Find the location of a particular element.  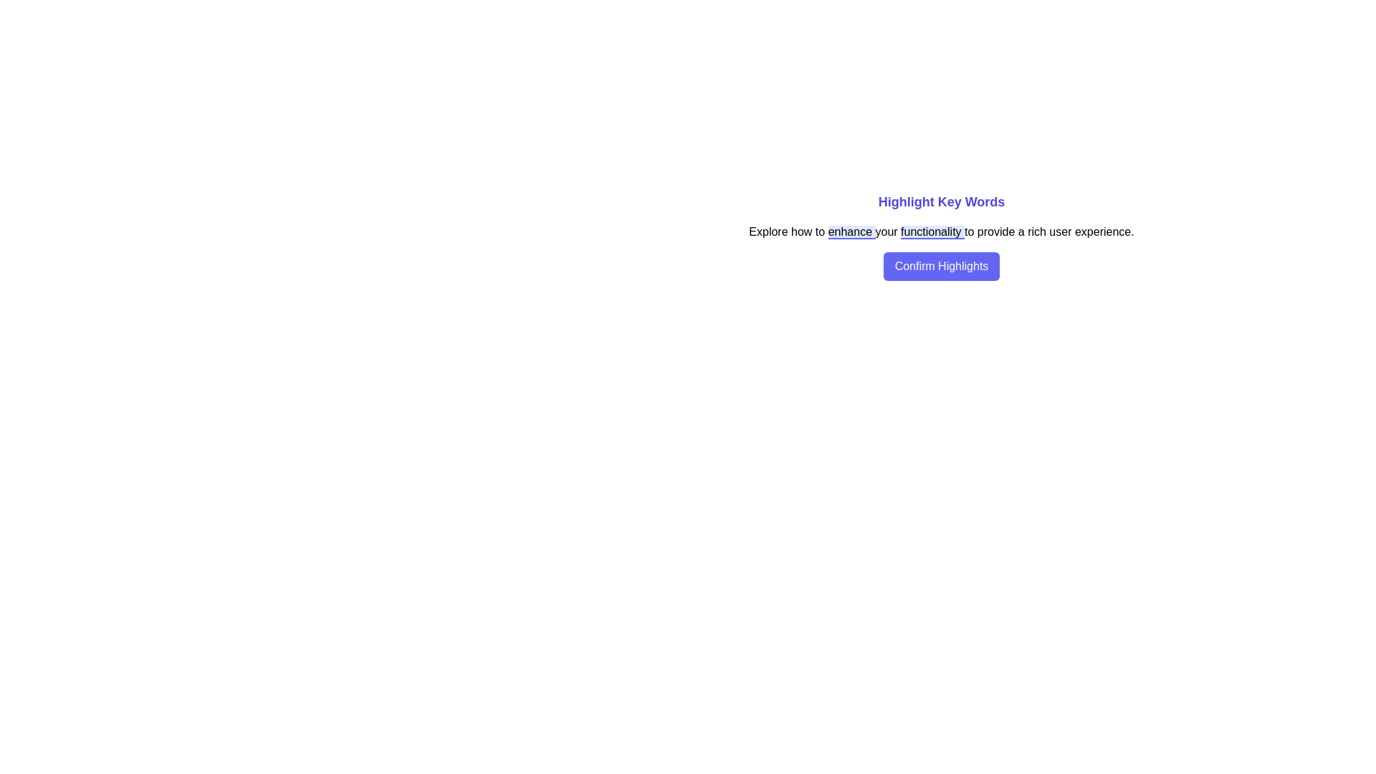

the character 'a' which is styled with a transparent bottom border and is positioned between the words 'provide' and 'rich' is located at coordinates (1022, 231).